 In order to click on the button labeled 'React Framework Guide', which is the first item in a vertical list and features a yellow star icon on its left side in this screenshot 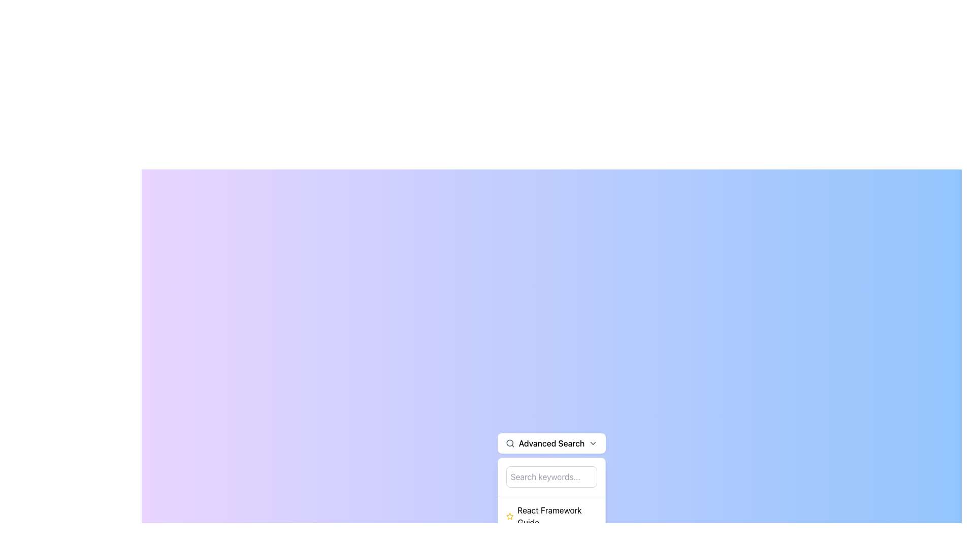, I will do `click(551, 517)`.